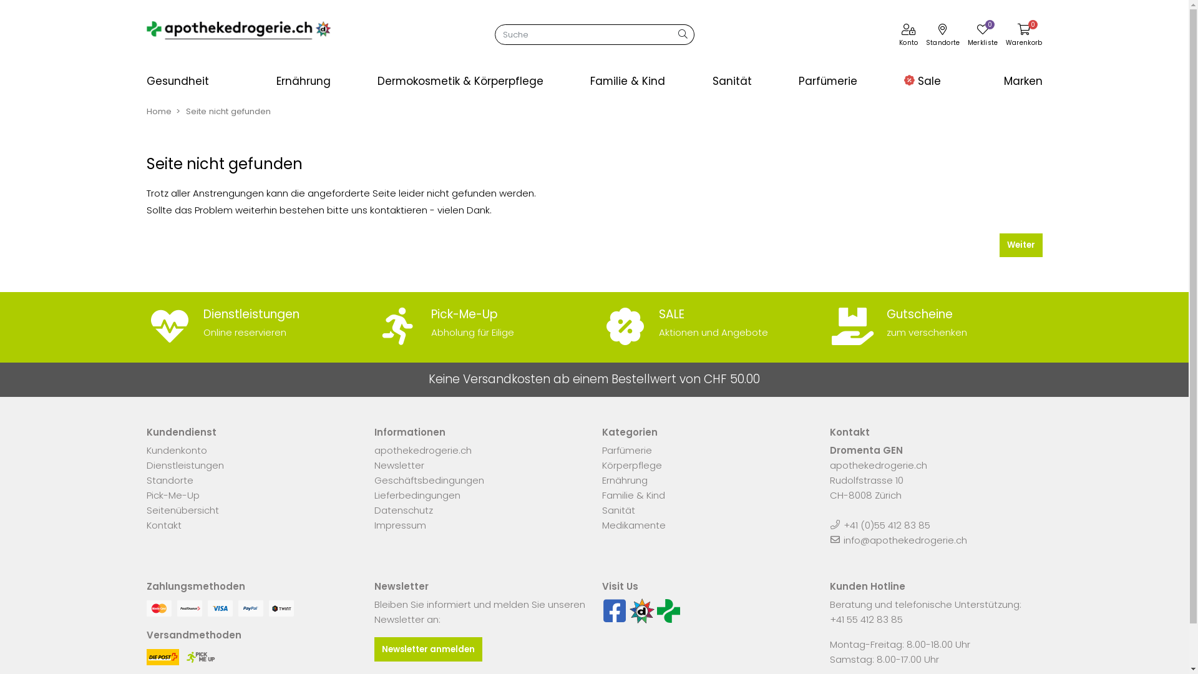 The image size is (1198, 674). What do you see at coordinates (168, 479) in the screenshot?
I see `'Standorte'` at bounding box center [168, 479].